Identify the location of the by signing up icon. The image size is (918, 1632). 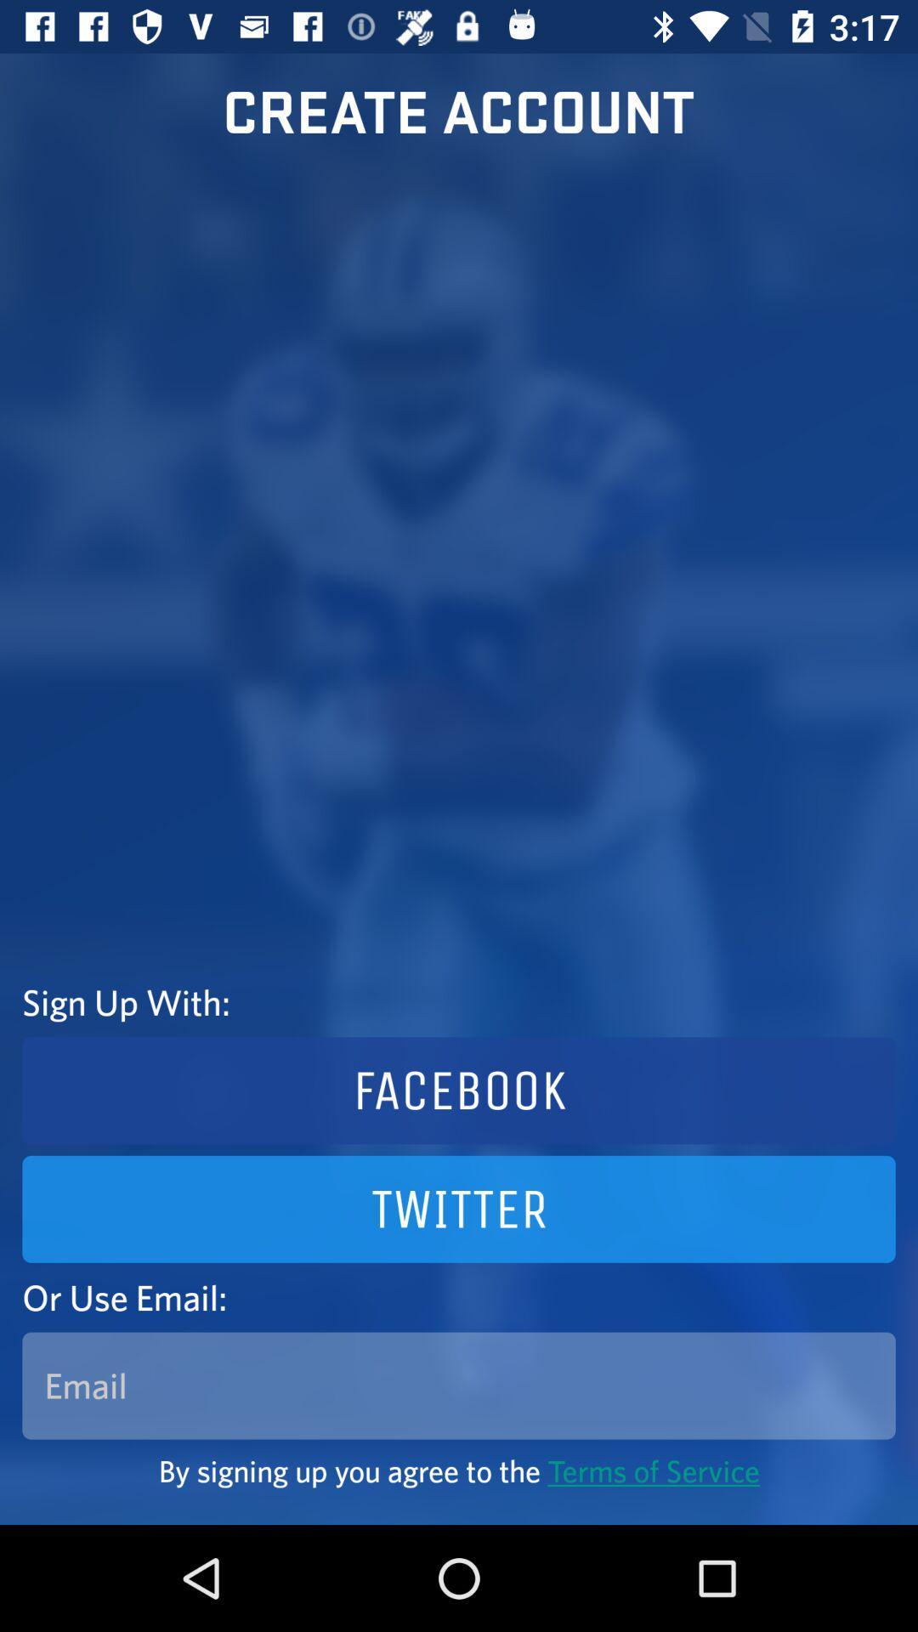
(459, 1470).